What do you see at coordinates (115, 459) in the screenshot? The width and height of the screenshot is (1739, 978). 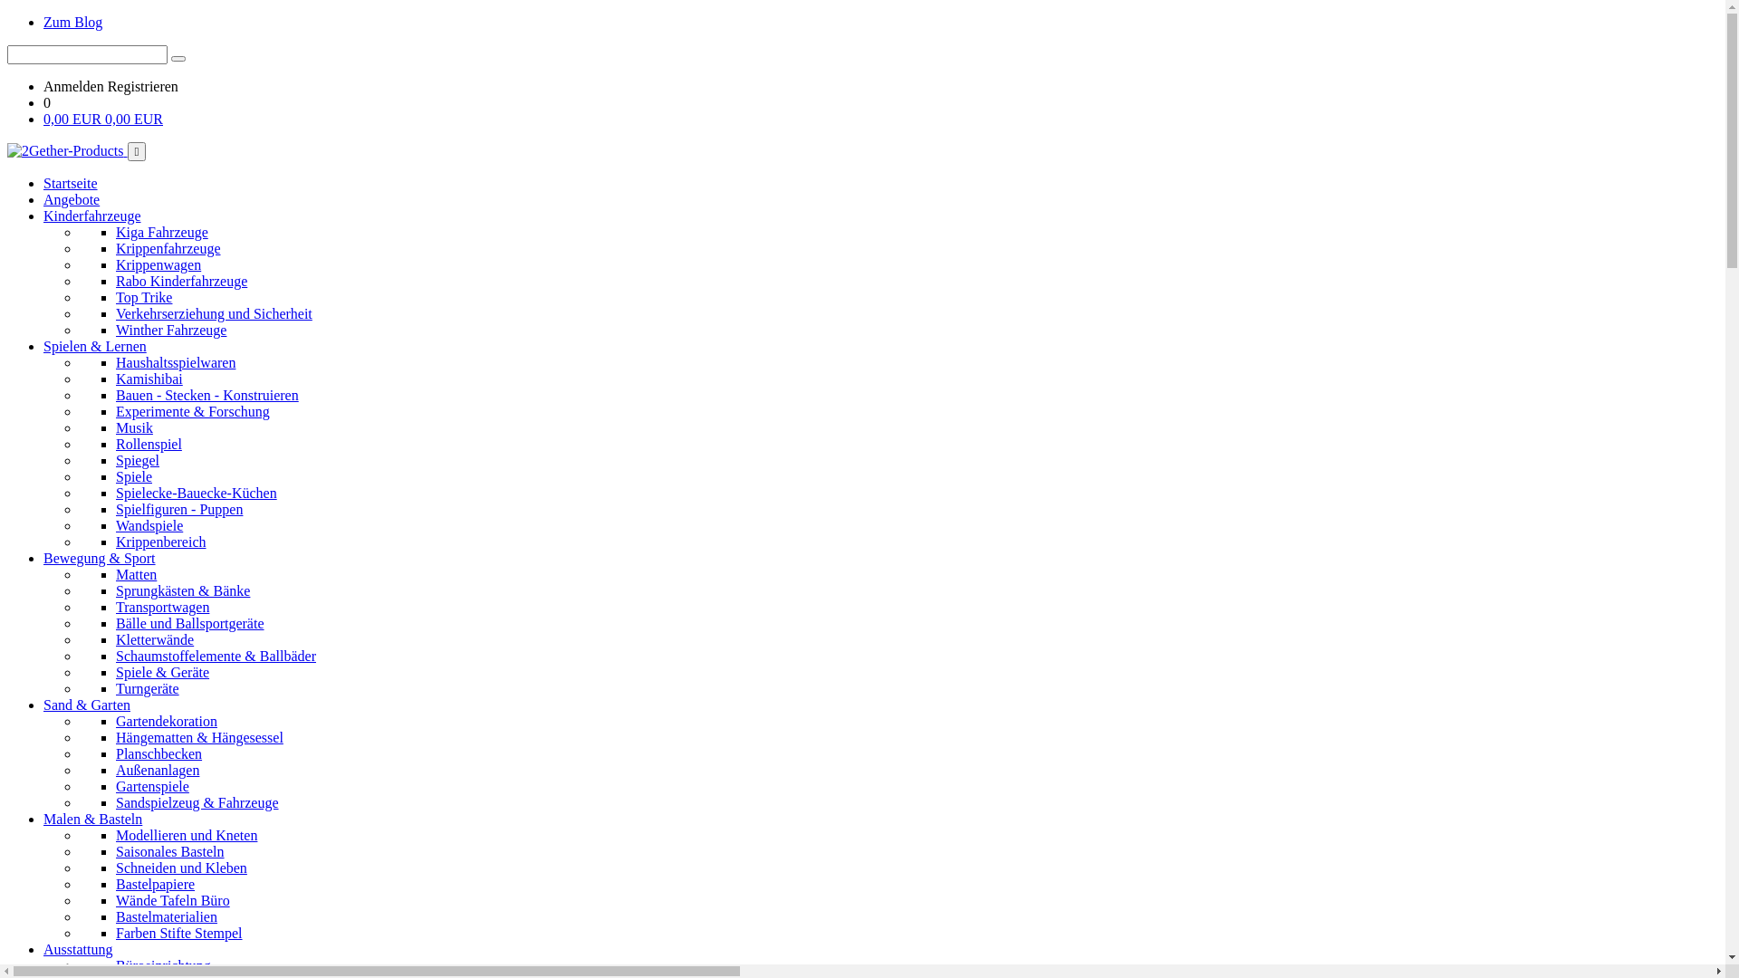 I see `'Spiegel'` at bounding box center [115, 459].